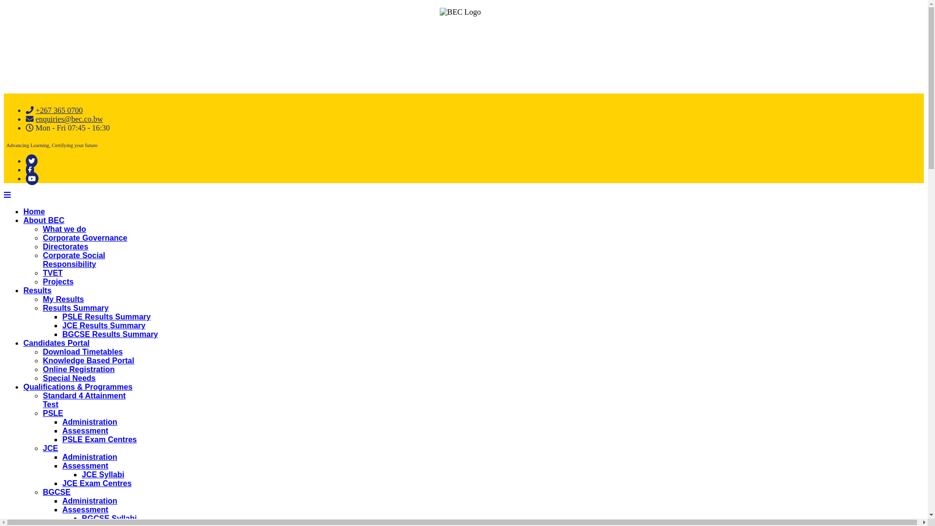  I want to click on 'JCE Exam Centres', so click(96, 483).